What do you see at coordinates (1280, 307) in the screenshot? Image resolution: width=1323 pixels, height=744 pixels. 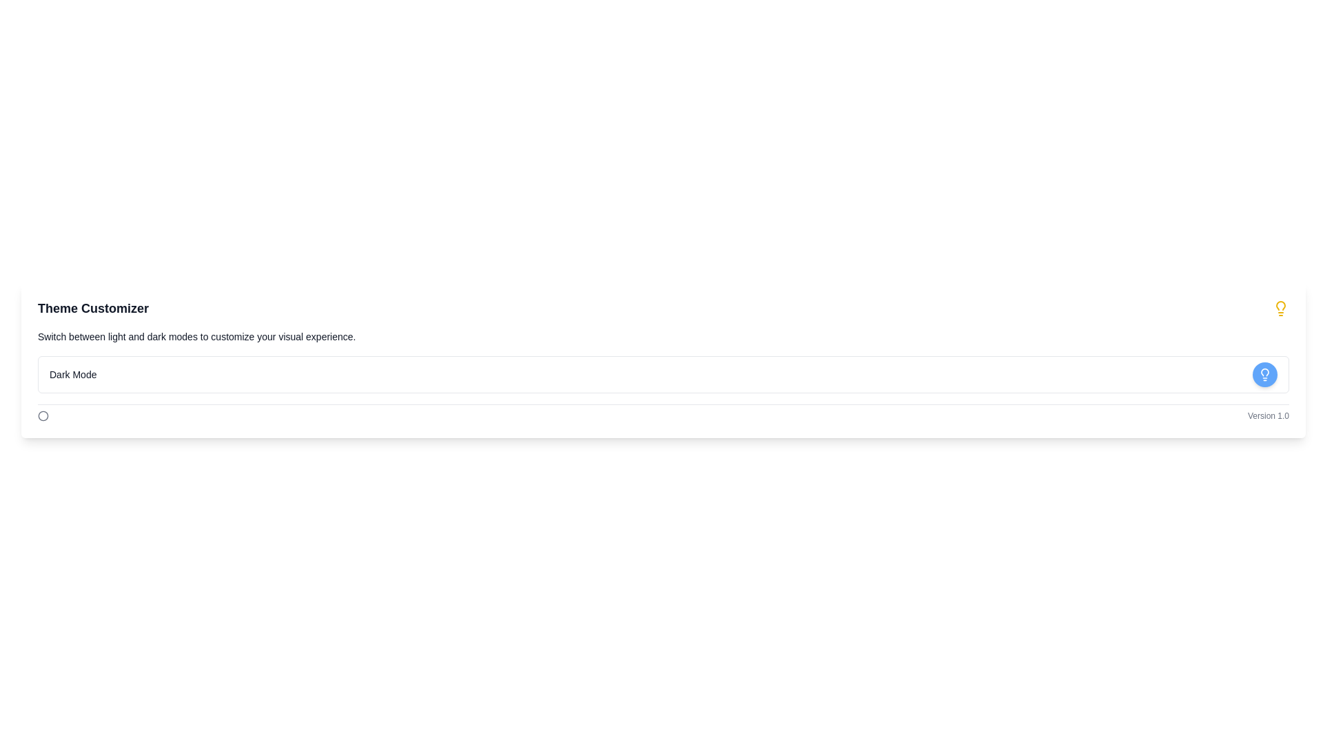 I see `the lightbulb icon located to the right of the 'Theme Customizer' heading, which is visually characterized by its yellow color and simple line design` at bounding box center [1280, 307].